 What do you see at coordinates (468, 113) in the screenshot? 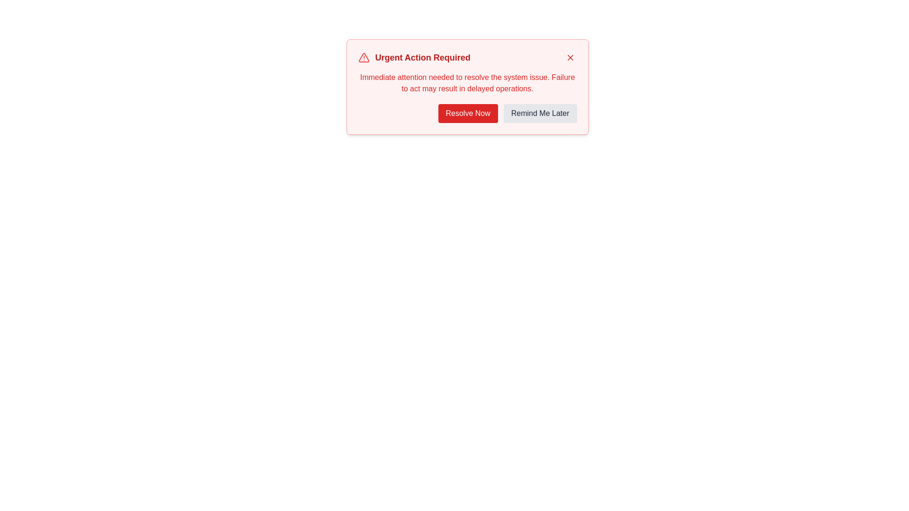
I see `the 'Resolve Now' button, which is a red button with white text, located on the bottom-right side of the interface` at bounding box center [468, 113].